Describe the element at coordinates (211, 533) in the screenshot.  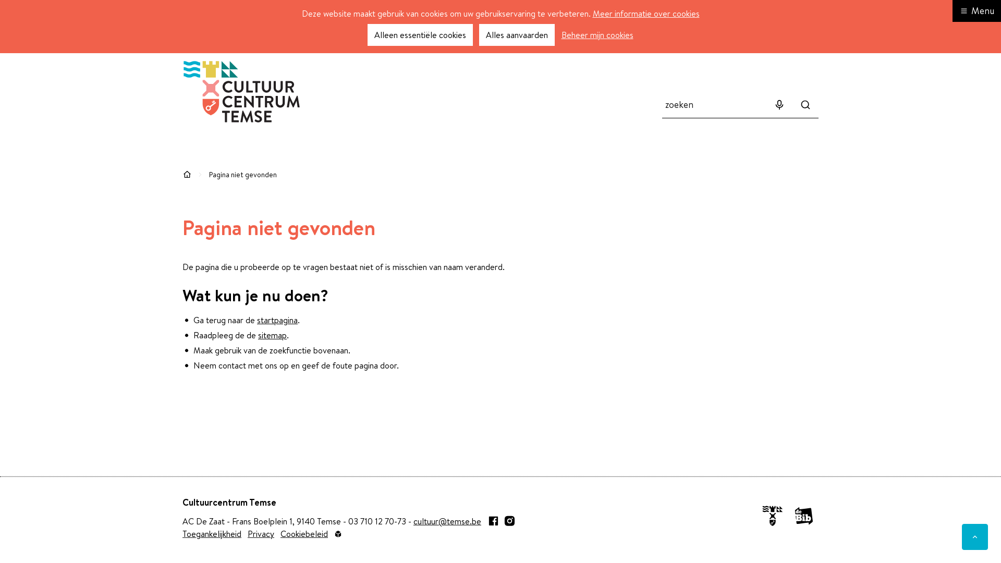
I see `'Toegankelijkheid'` at that location.